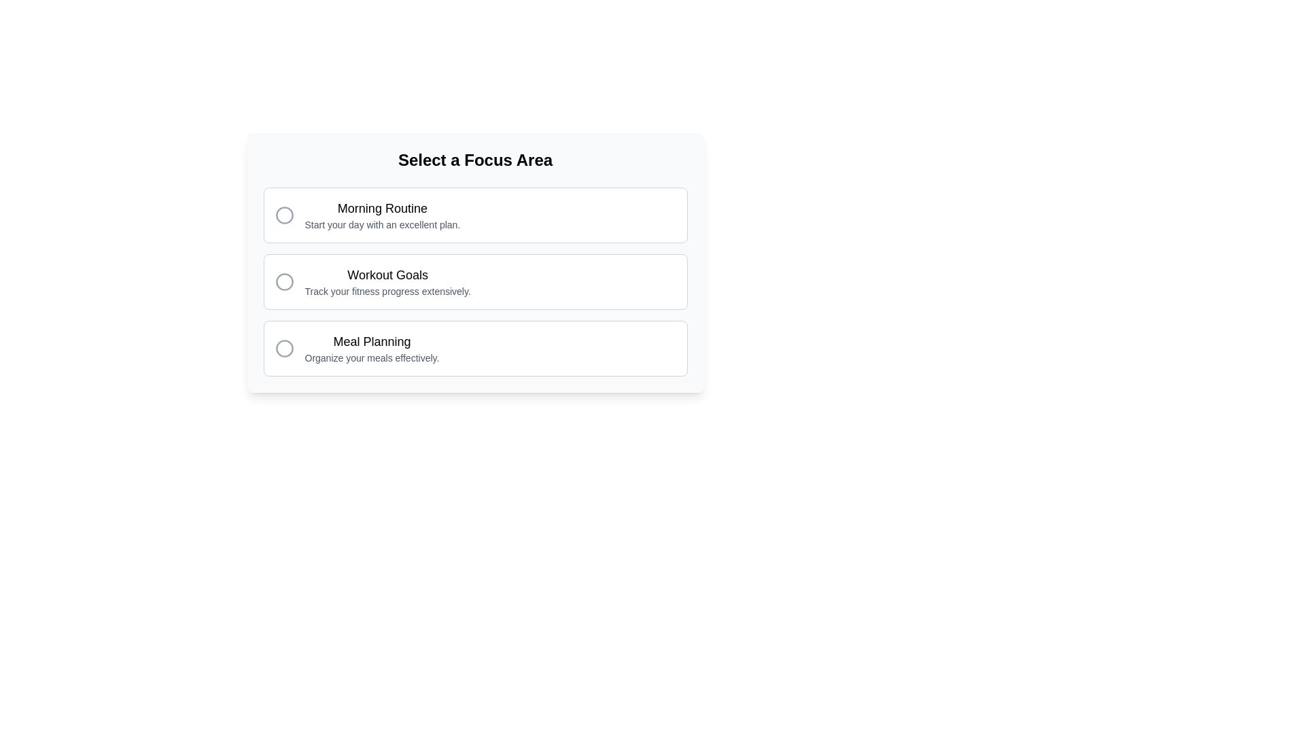 The height and width of the screenshot is (734, 1305). Describe the element at coordinates (283, 214) in the screenshot. I see `the icon associated with the 'Morning Routine' option, which is positioned to the left of the text 'Morning Routine'` at that location.